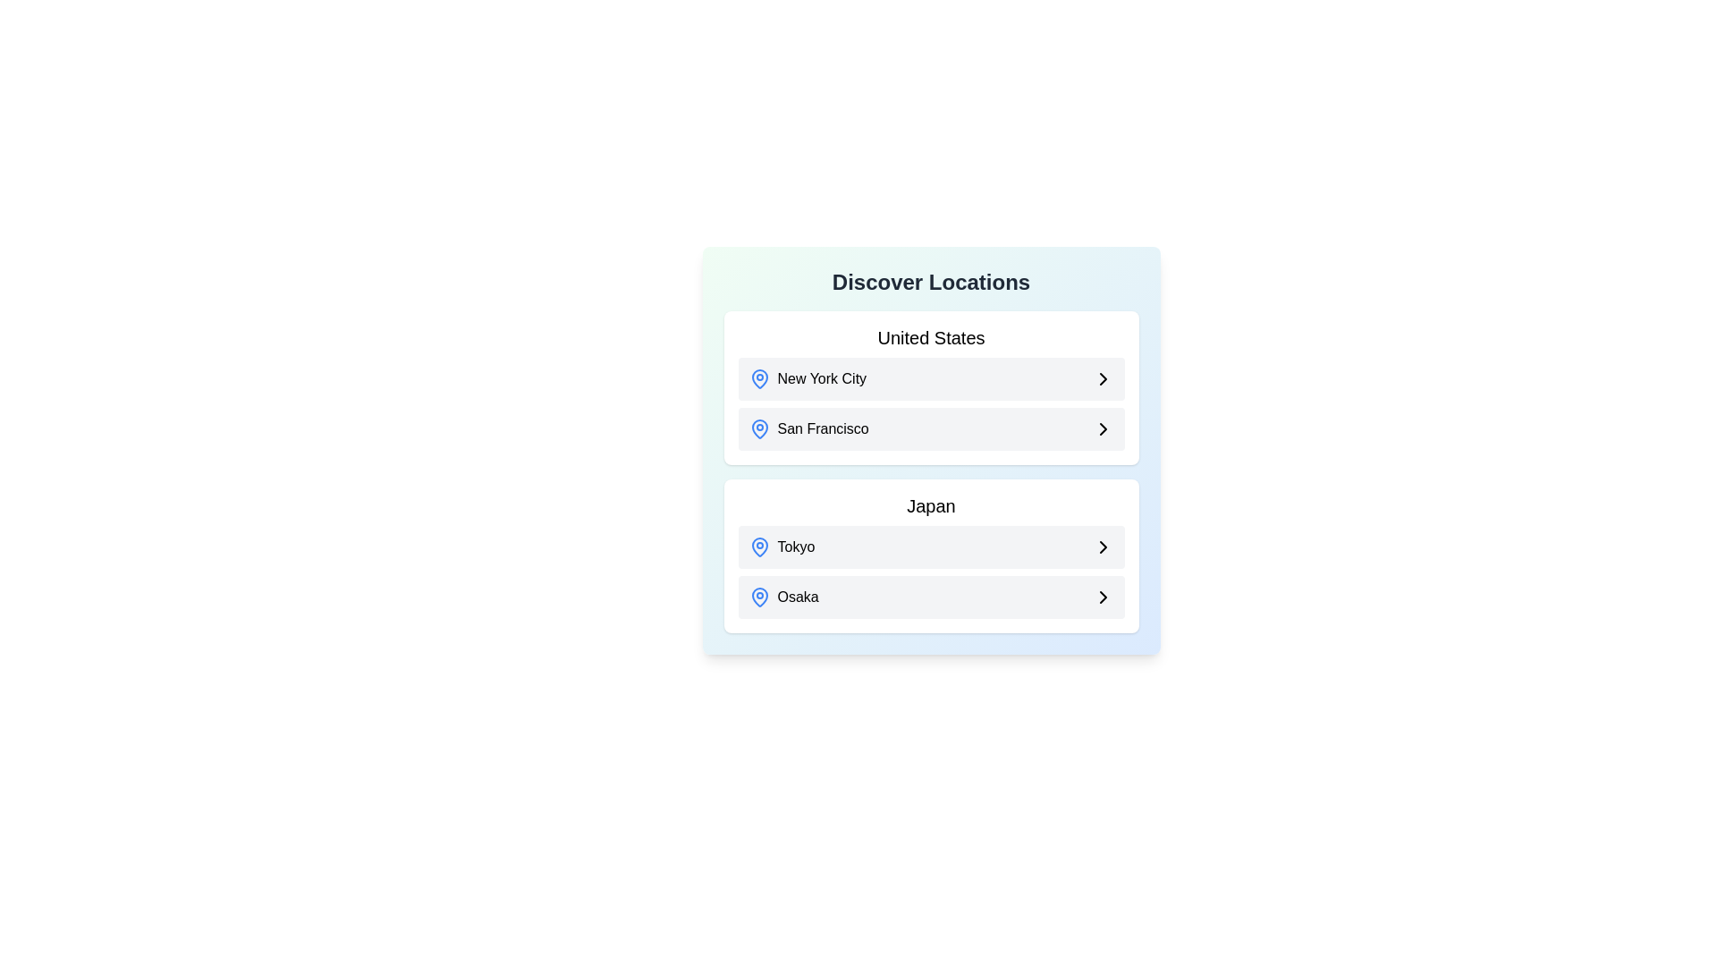 This screenshot has width=1717, height=966. I want to click on the text label that categorizes content related to Japan, positioned centrally above the Tokyo and Osaka elements, so click(930, 506).